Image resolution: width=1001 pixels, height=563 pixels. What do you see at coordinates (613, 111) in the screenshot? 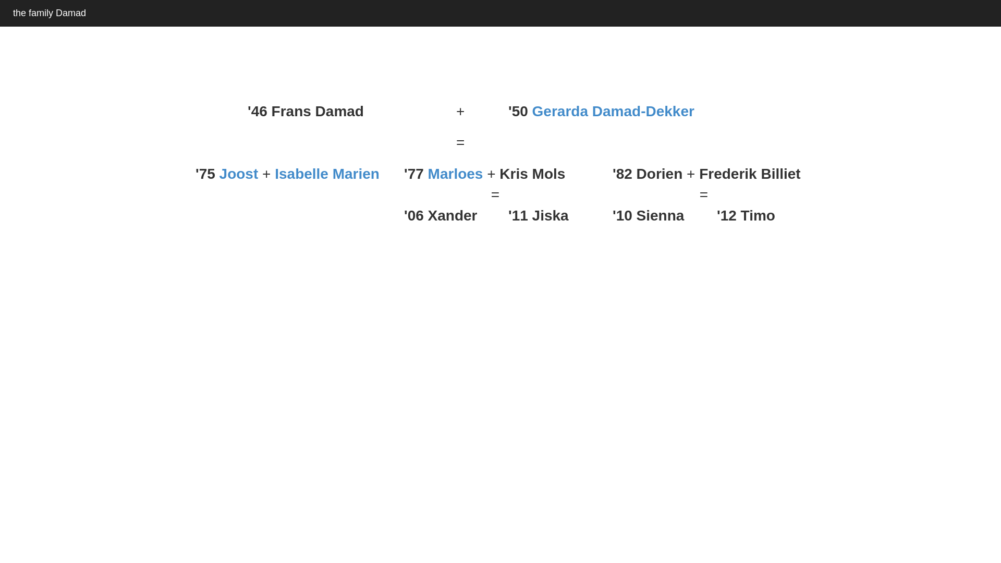
I see `'Gerarda Damad-Dekker'` at bounding box center [613, 111].